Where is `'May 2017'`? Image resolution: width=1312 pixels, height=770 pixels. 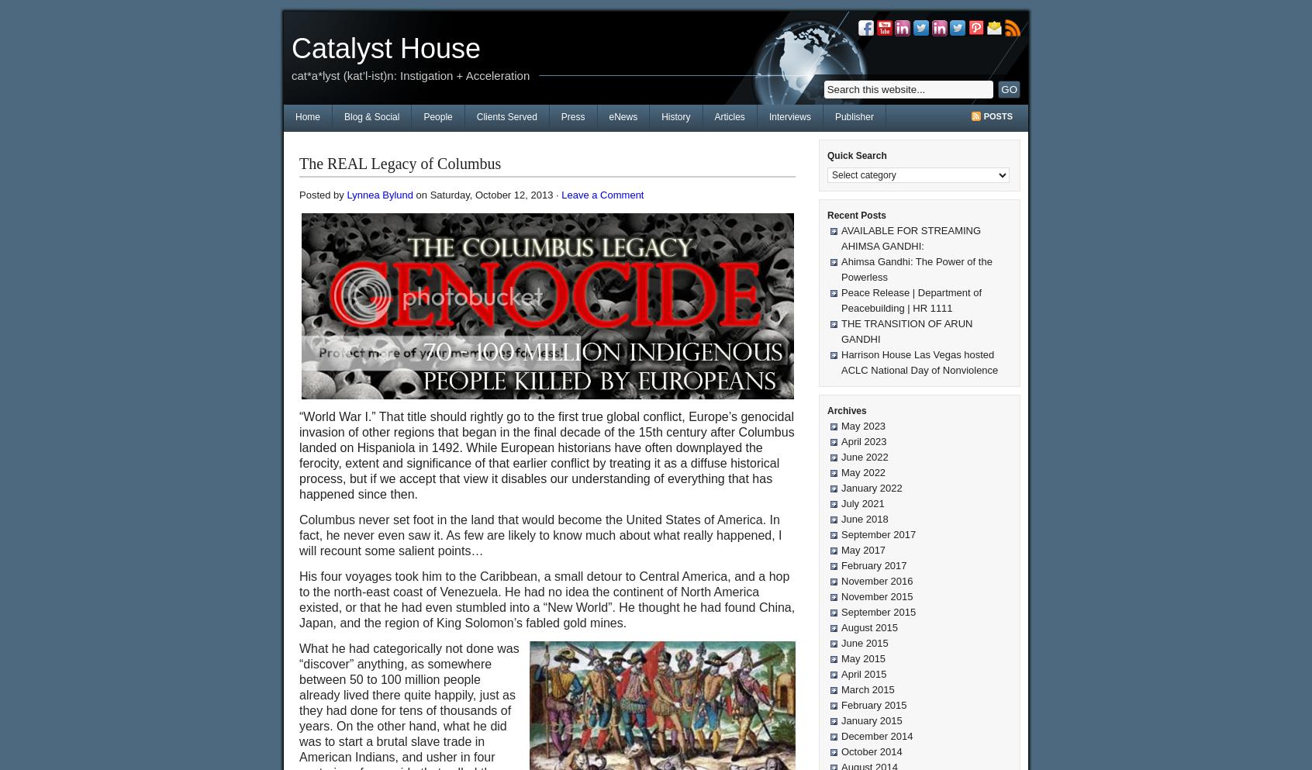 'May 2017' is located at coordinates (863, 549).